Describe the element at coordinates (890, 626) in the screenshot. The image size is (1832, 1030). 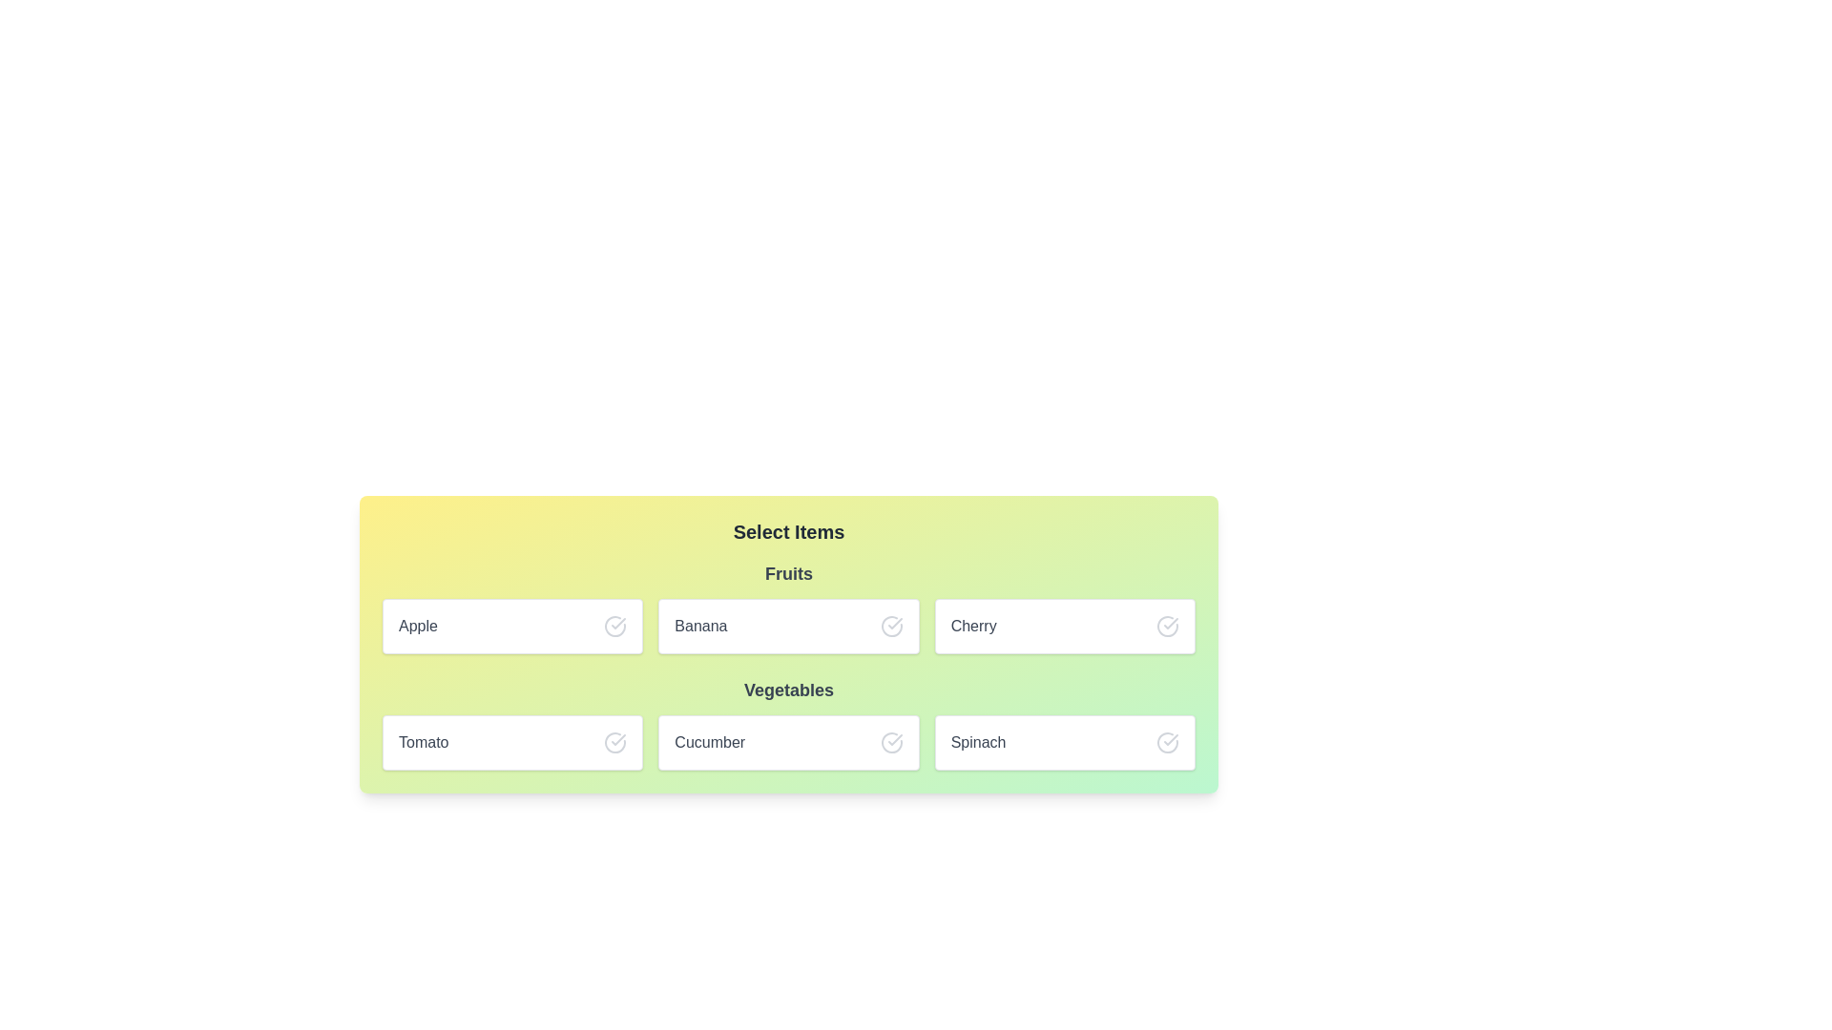
I see `the check mark icon within a circle located to the right of the 'Banana' label in the 'Fruits' category` at that location.